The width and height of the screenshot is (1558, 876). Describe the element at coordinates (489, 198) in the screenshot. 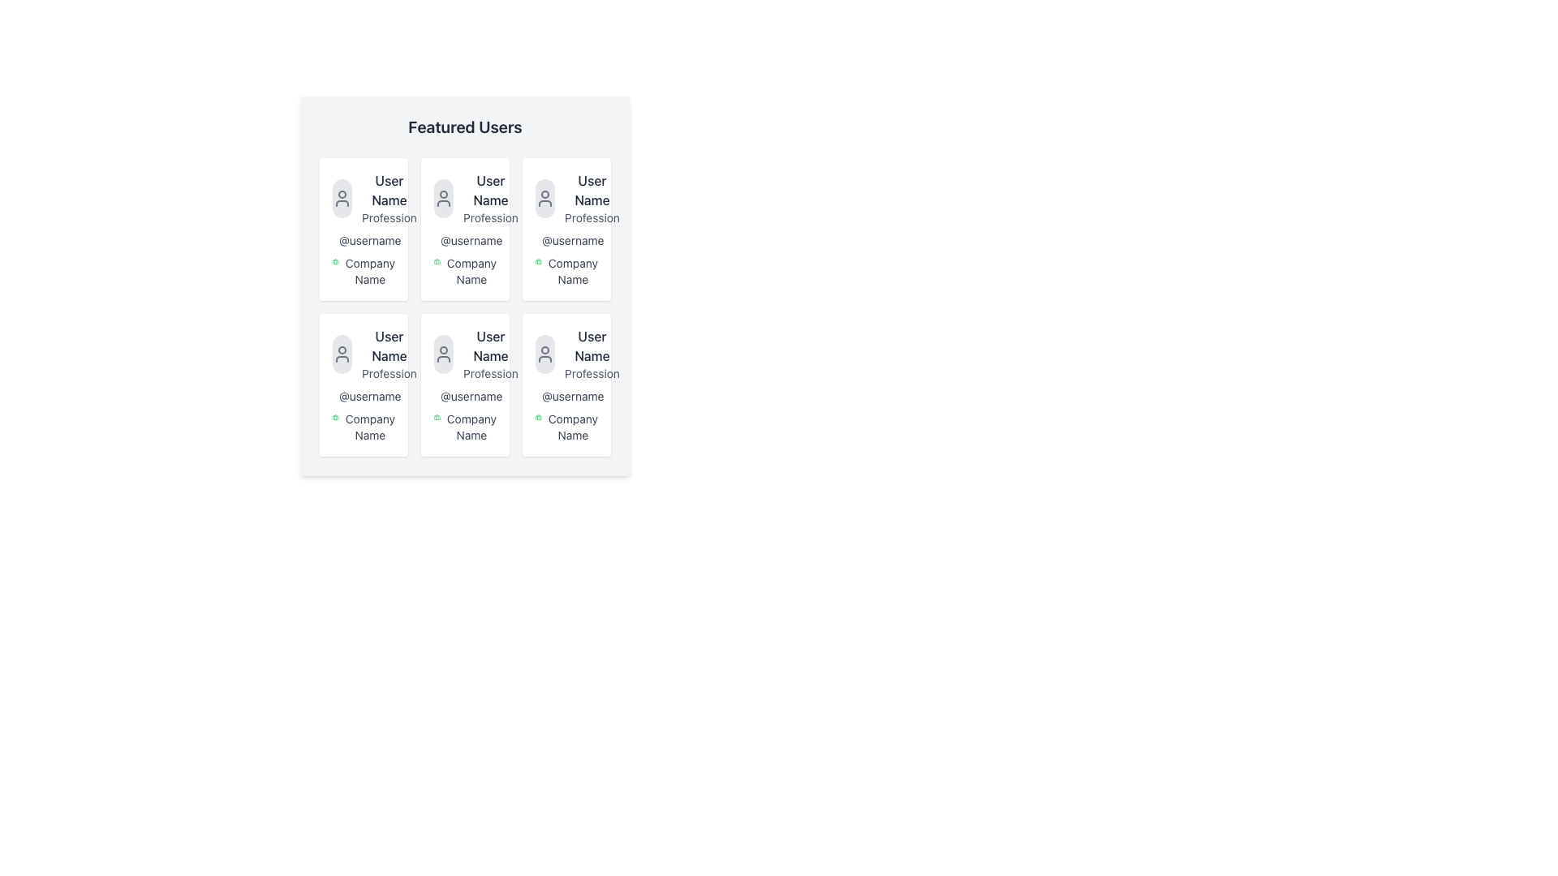

I see `the text display element that shows 'User Name' in bold dark gray and 'Profession' in smaller light gray, located in the second tile of the first row of the 'Featured Users' section` at that location.